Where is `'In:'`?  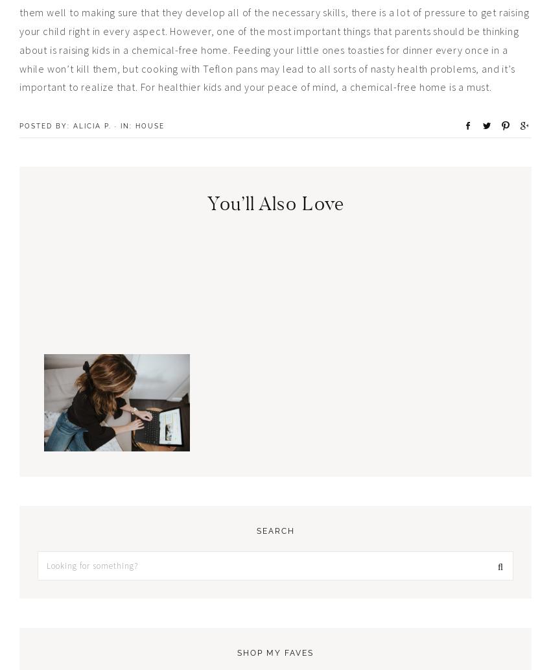 'In:' is located at coordinates (127, 125).